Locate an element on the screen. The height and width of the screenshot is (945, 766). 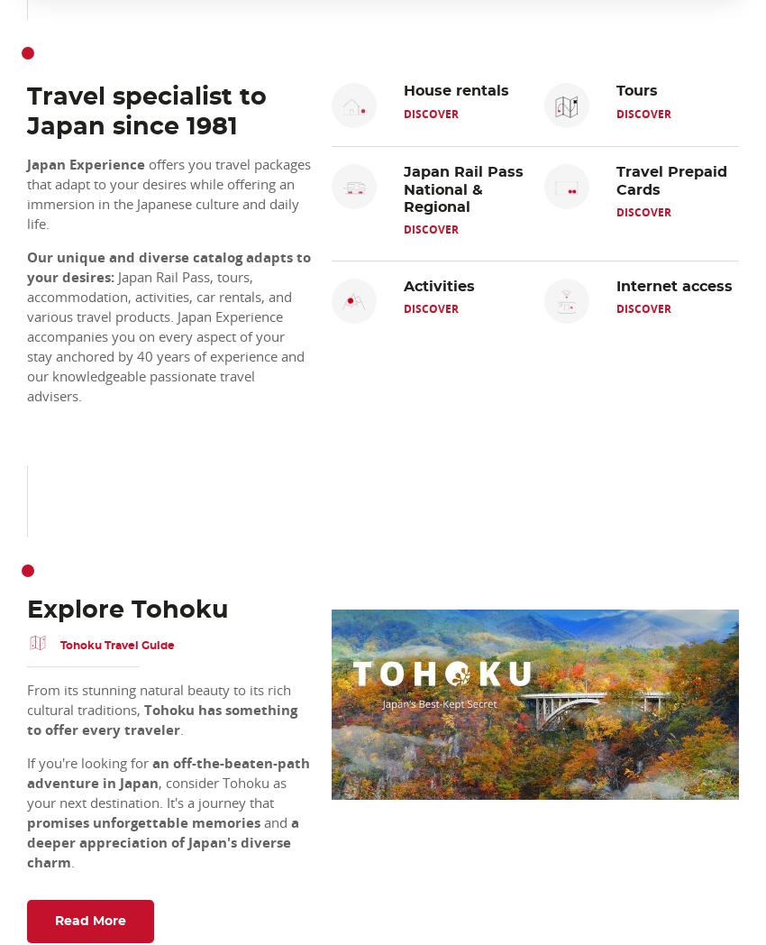
'offers you travel packages that adapt to your desires while offering an immersion in the Japanese culture and daily life.' is located at coordinates (26, 193).